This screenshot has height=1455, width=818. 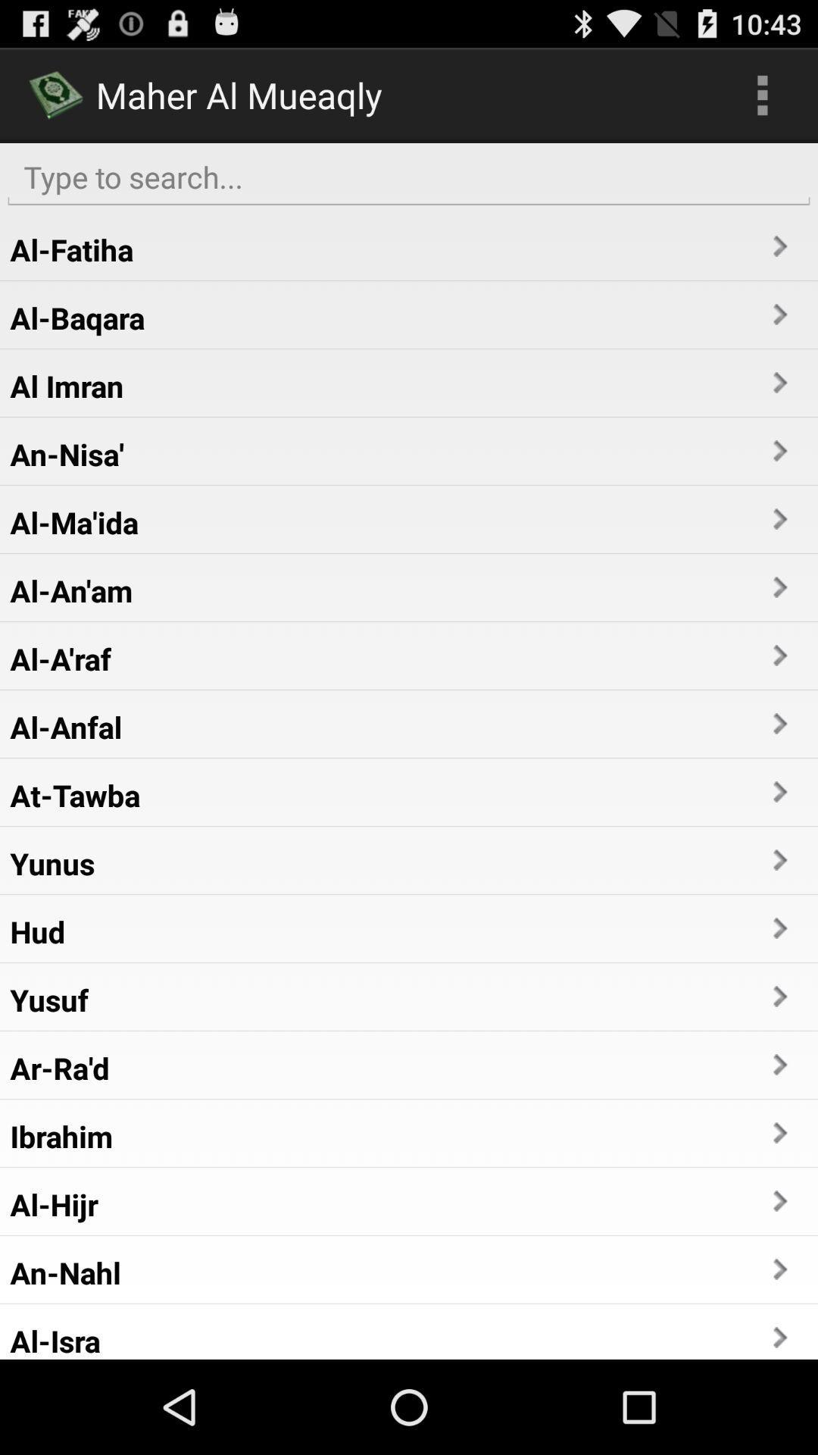 What do you see at coordinates (779, 791) in the screenshot?
I see `the item next to at-tawba icon` at bounding box center [779, 791].